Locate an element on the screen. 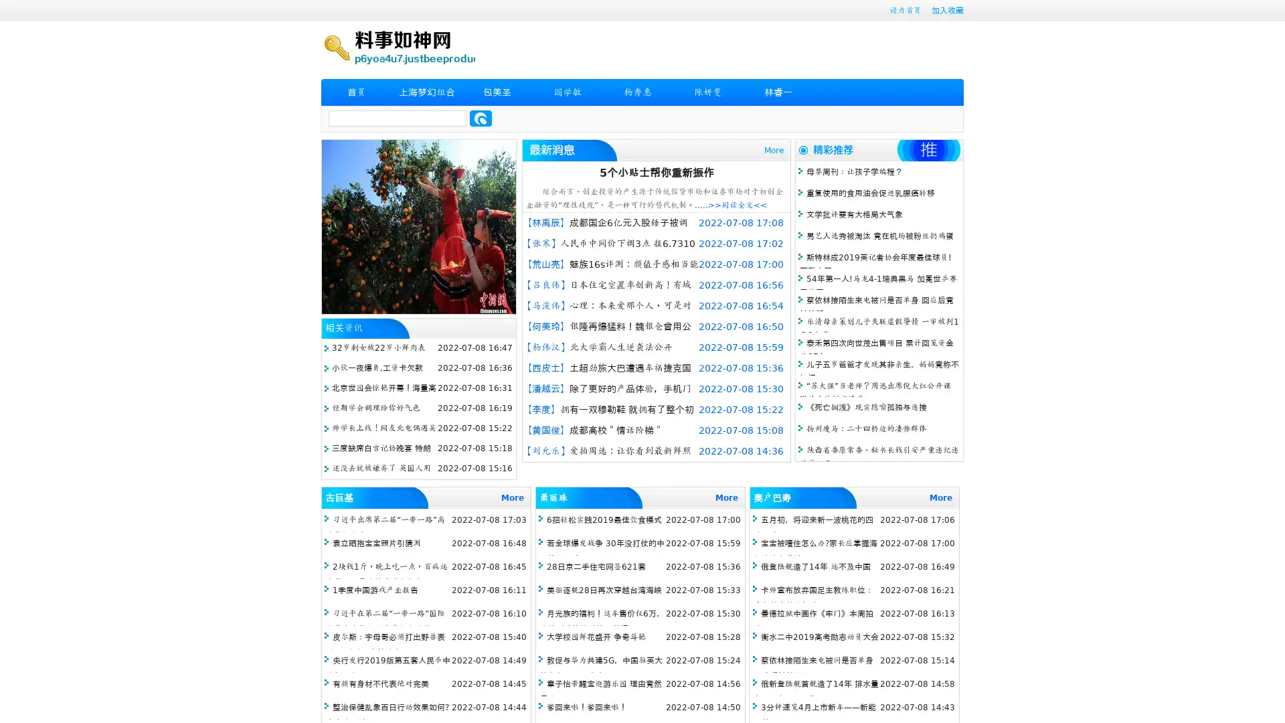  Search is located at coordinates (481, 118).